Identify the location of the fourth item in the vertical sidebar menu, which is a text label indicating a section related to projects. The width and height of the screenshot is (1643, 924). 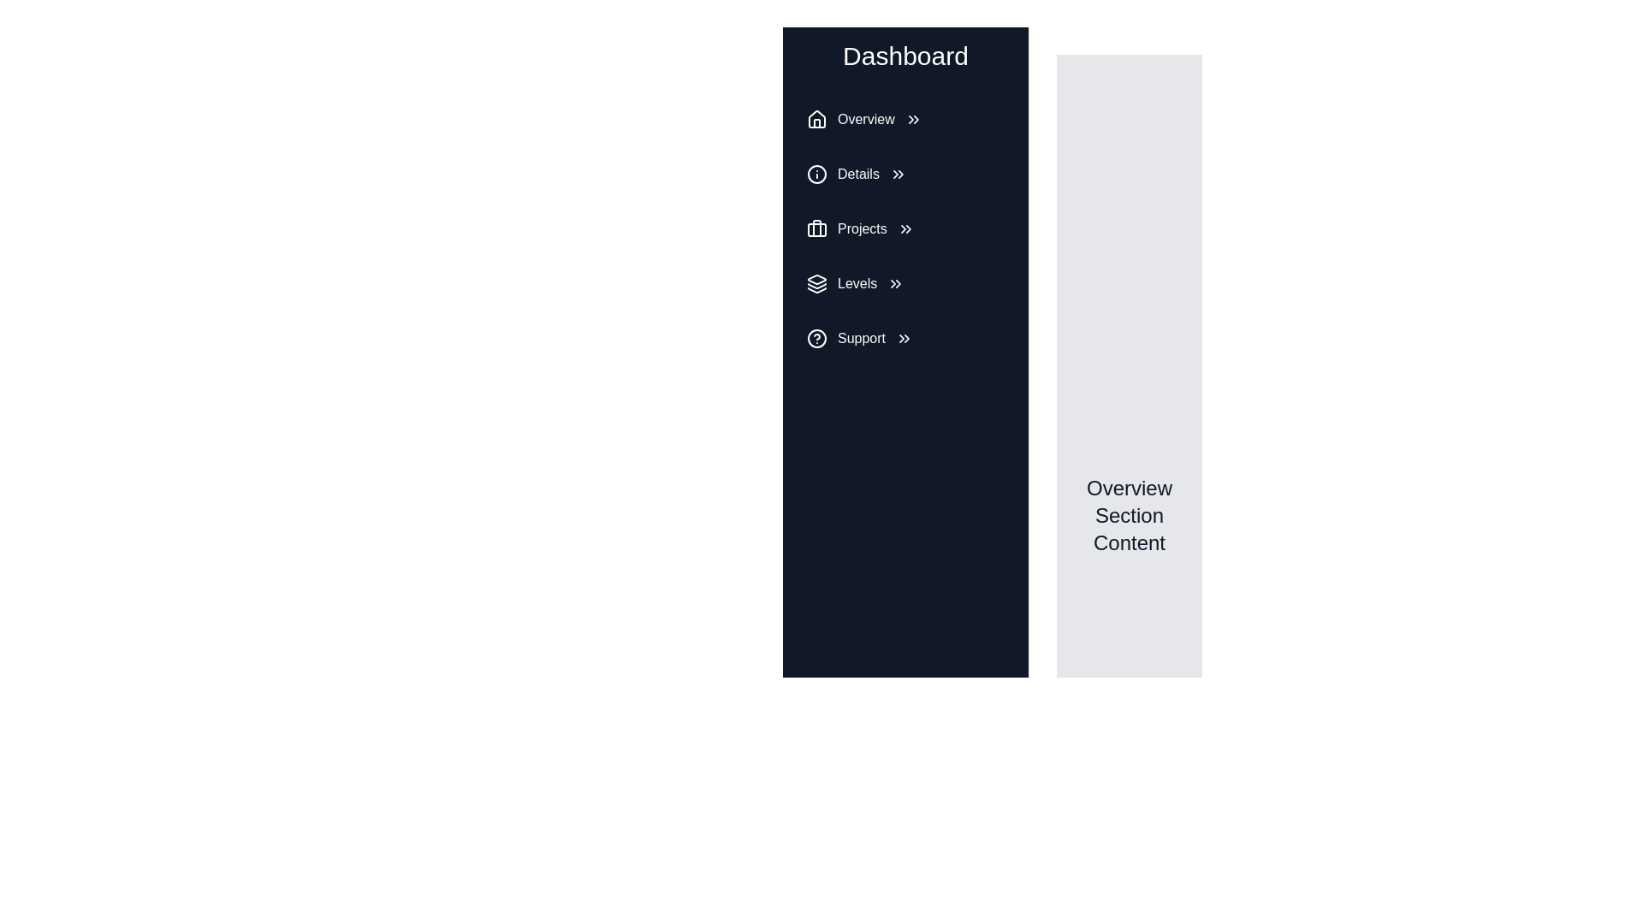
(862, 228).